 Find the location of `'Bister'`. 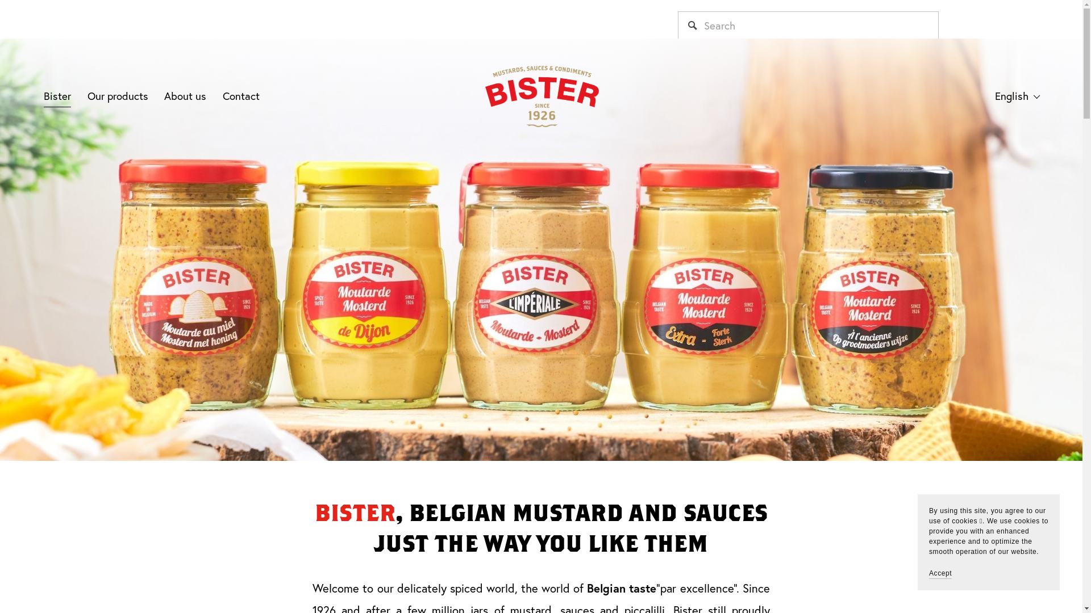

'Bister' is located at coordinates (43, 95).